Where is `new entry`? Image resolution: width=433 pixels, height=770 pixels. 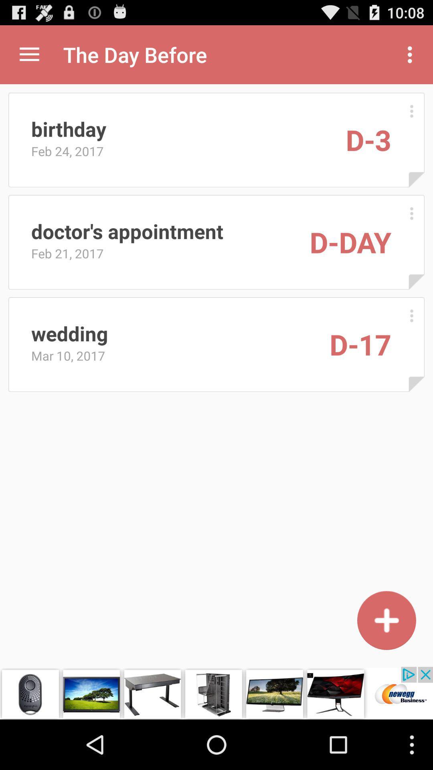 new entry is located at coordinates (386, 620).